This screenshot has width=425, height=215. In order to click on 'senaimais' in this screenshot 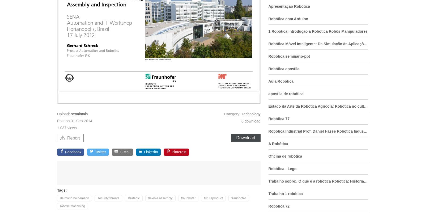, I will do `click(79, 114)`.